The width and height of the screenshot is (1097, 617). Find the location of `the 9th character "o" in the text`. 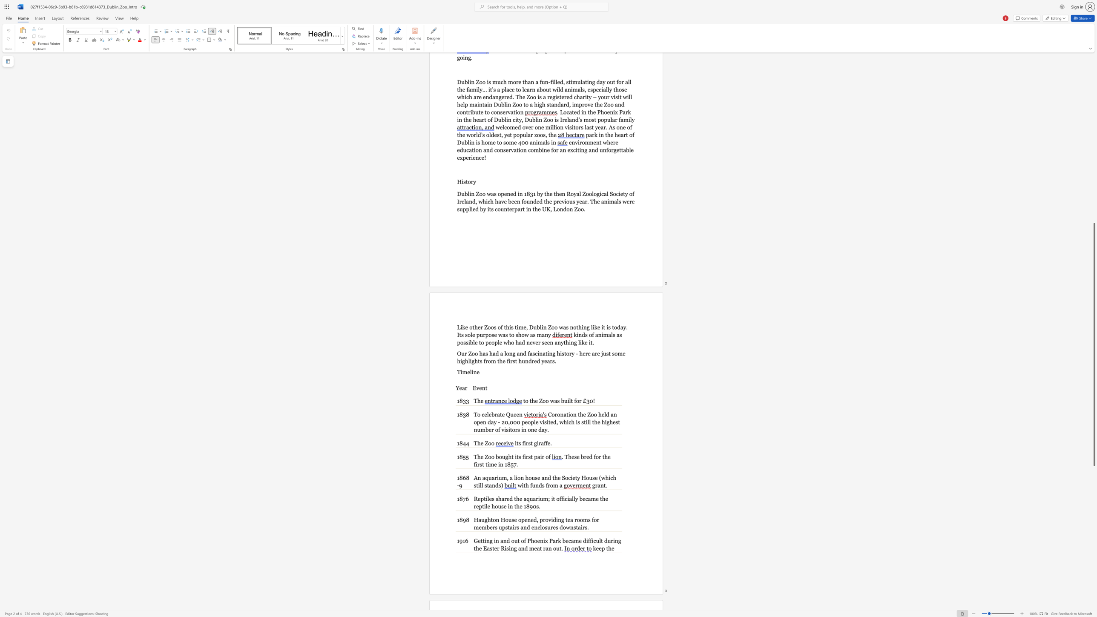

the 9th character "o" in the text is located at coordinates (564, 527).